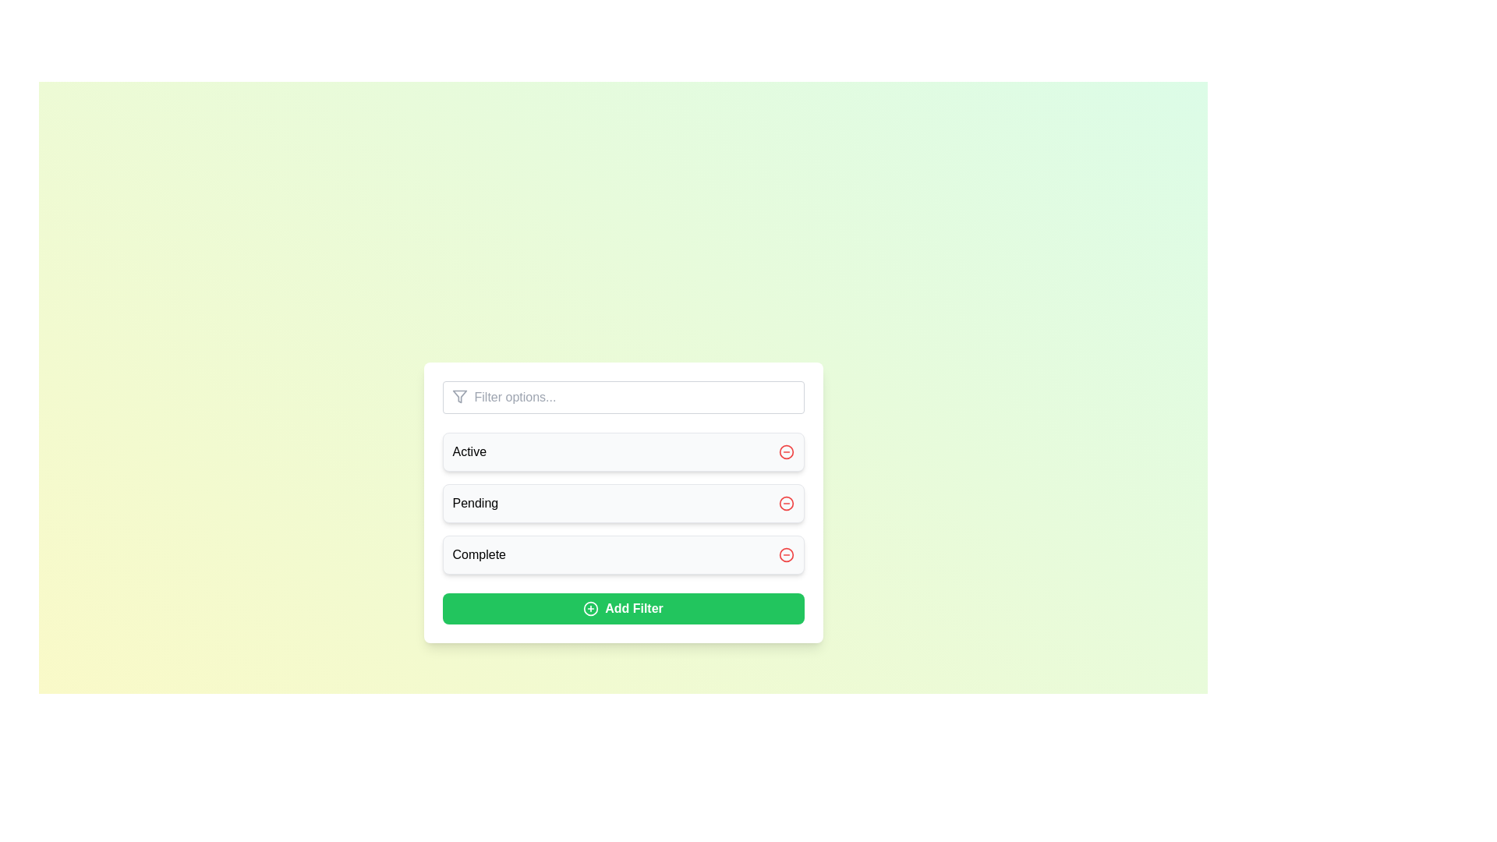 Image resolution: width=1497 pixels, height=842 pixels. What do you see at coordinates (590, 607) in the screenshot?
I see `the circular icon with a green outline and a plus sign in the center, located within the 'Add Filter' button at the bottom of the filter selection panel` at bounding box center [590, 607].